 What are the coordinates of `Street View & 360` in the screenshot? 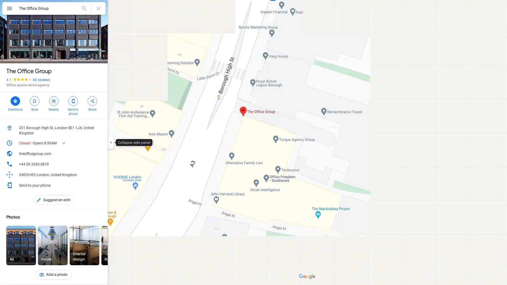 It's located at (148, 245).